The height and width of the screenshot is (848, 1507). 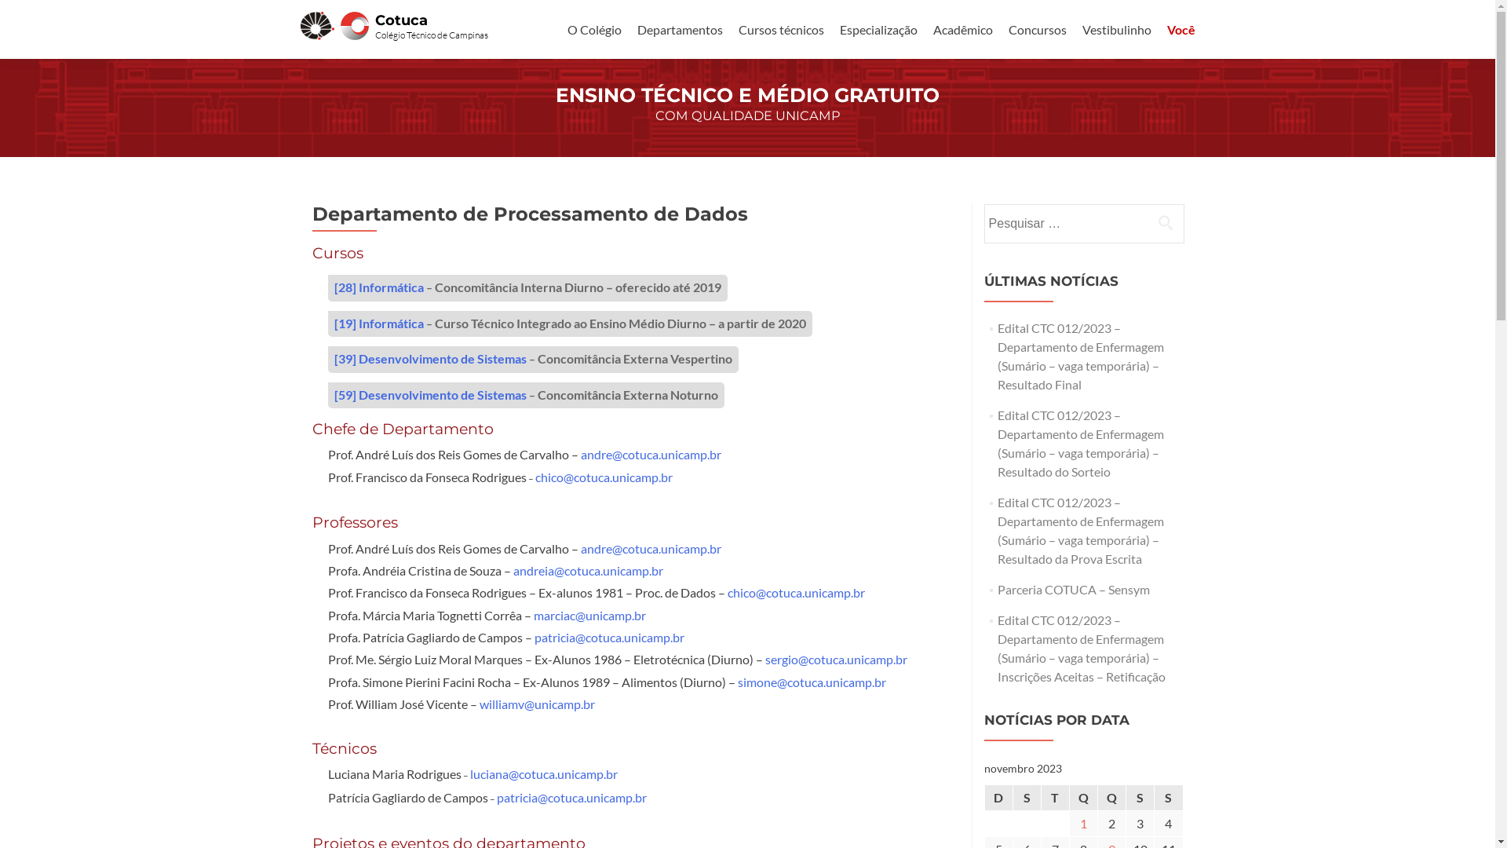 I want to click on 'Cotuca', so click(x=357, y=24).